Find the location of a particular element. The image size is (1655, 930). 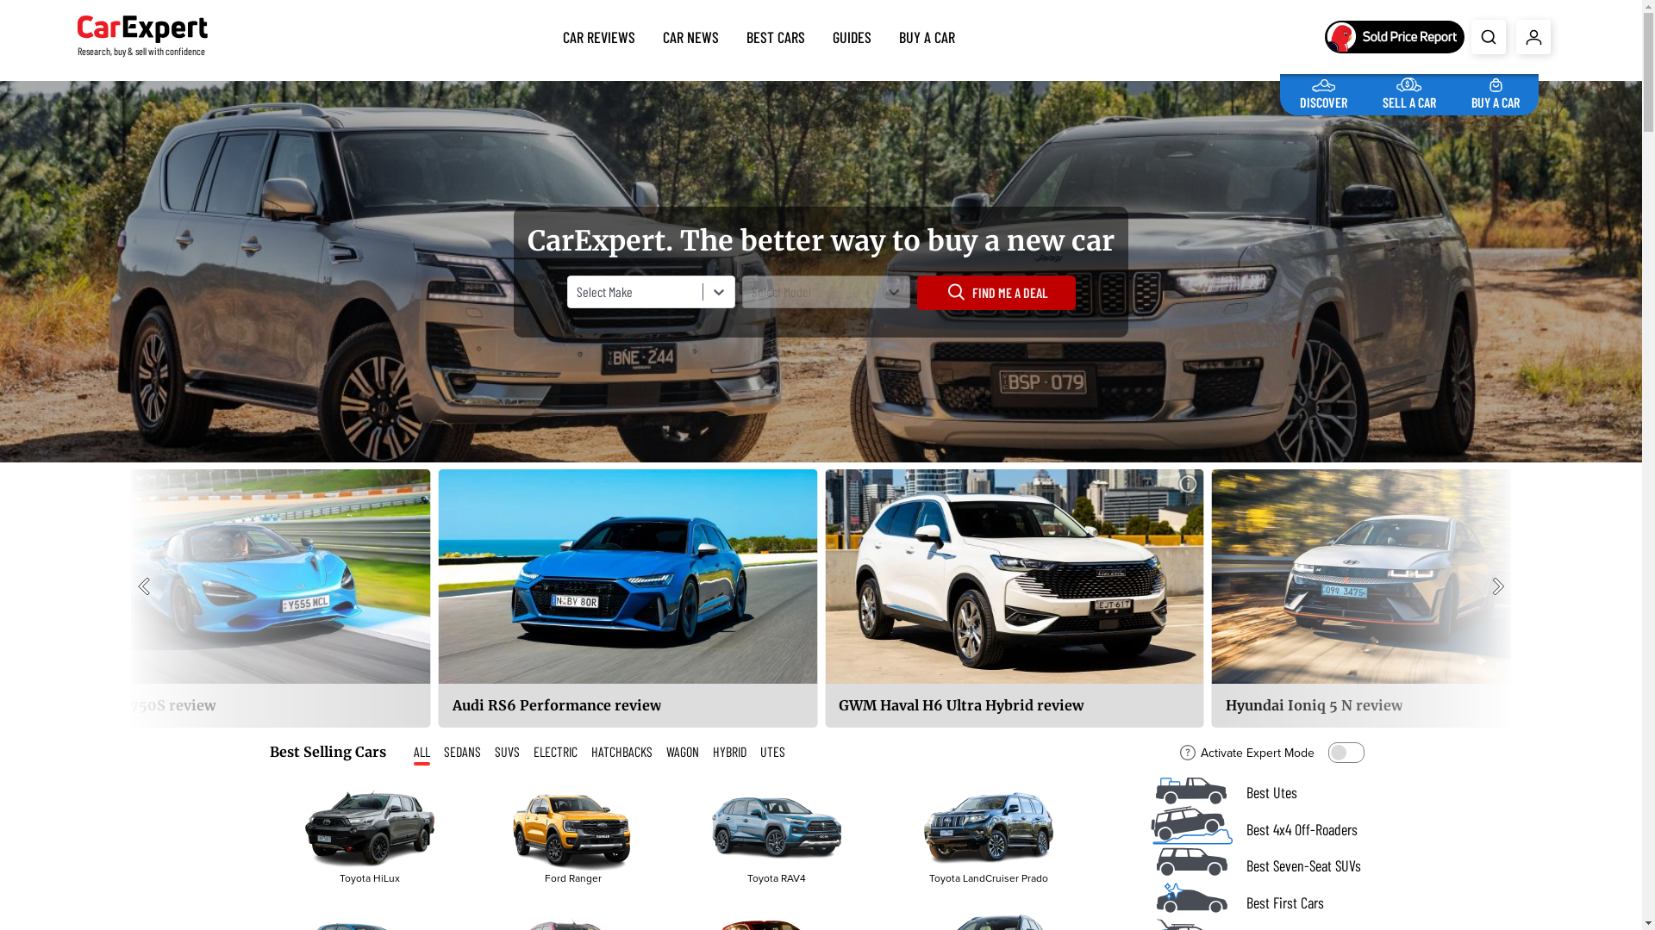

'BEST CARS' is located at coordinates (775, 33).